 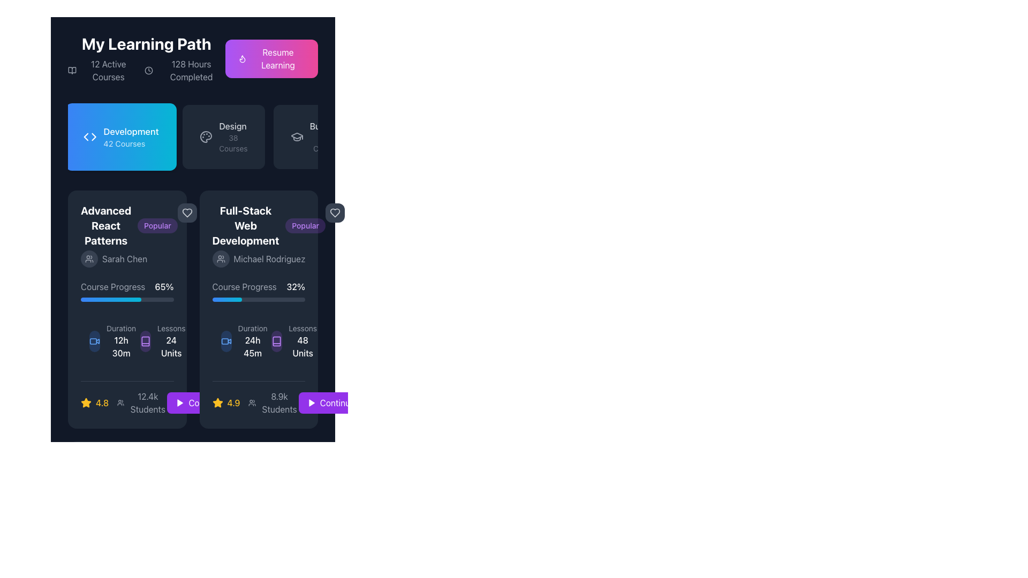 What do you see at coordinates (86, 402) in the screenshot?
I see `the yellow star-shaped icon with a shadow effect located at the bottom of the second course card, adjacent to the rating value and student count indicators` at bounding box center [86, 402].